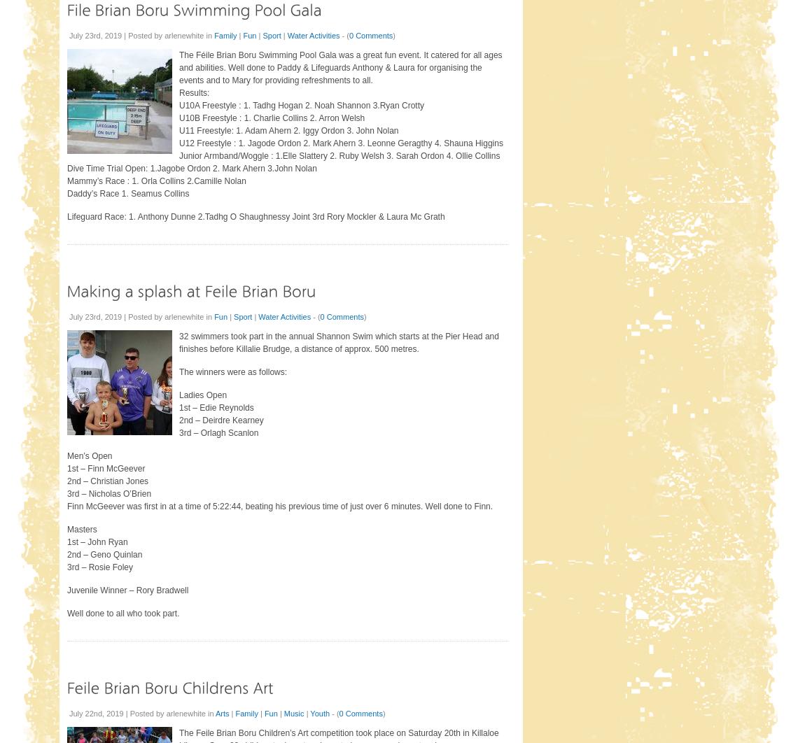 The height and width of the screenshot is (743, 798). Describe the element at coordinates (118, 712) in the screenshot. I see `'July 22nd, 2019 | Posted by'` at that location.